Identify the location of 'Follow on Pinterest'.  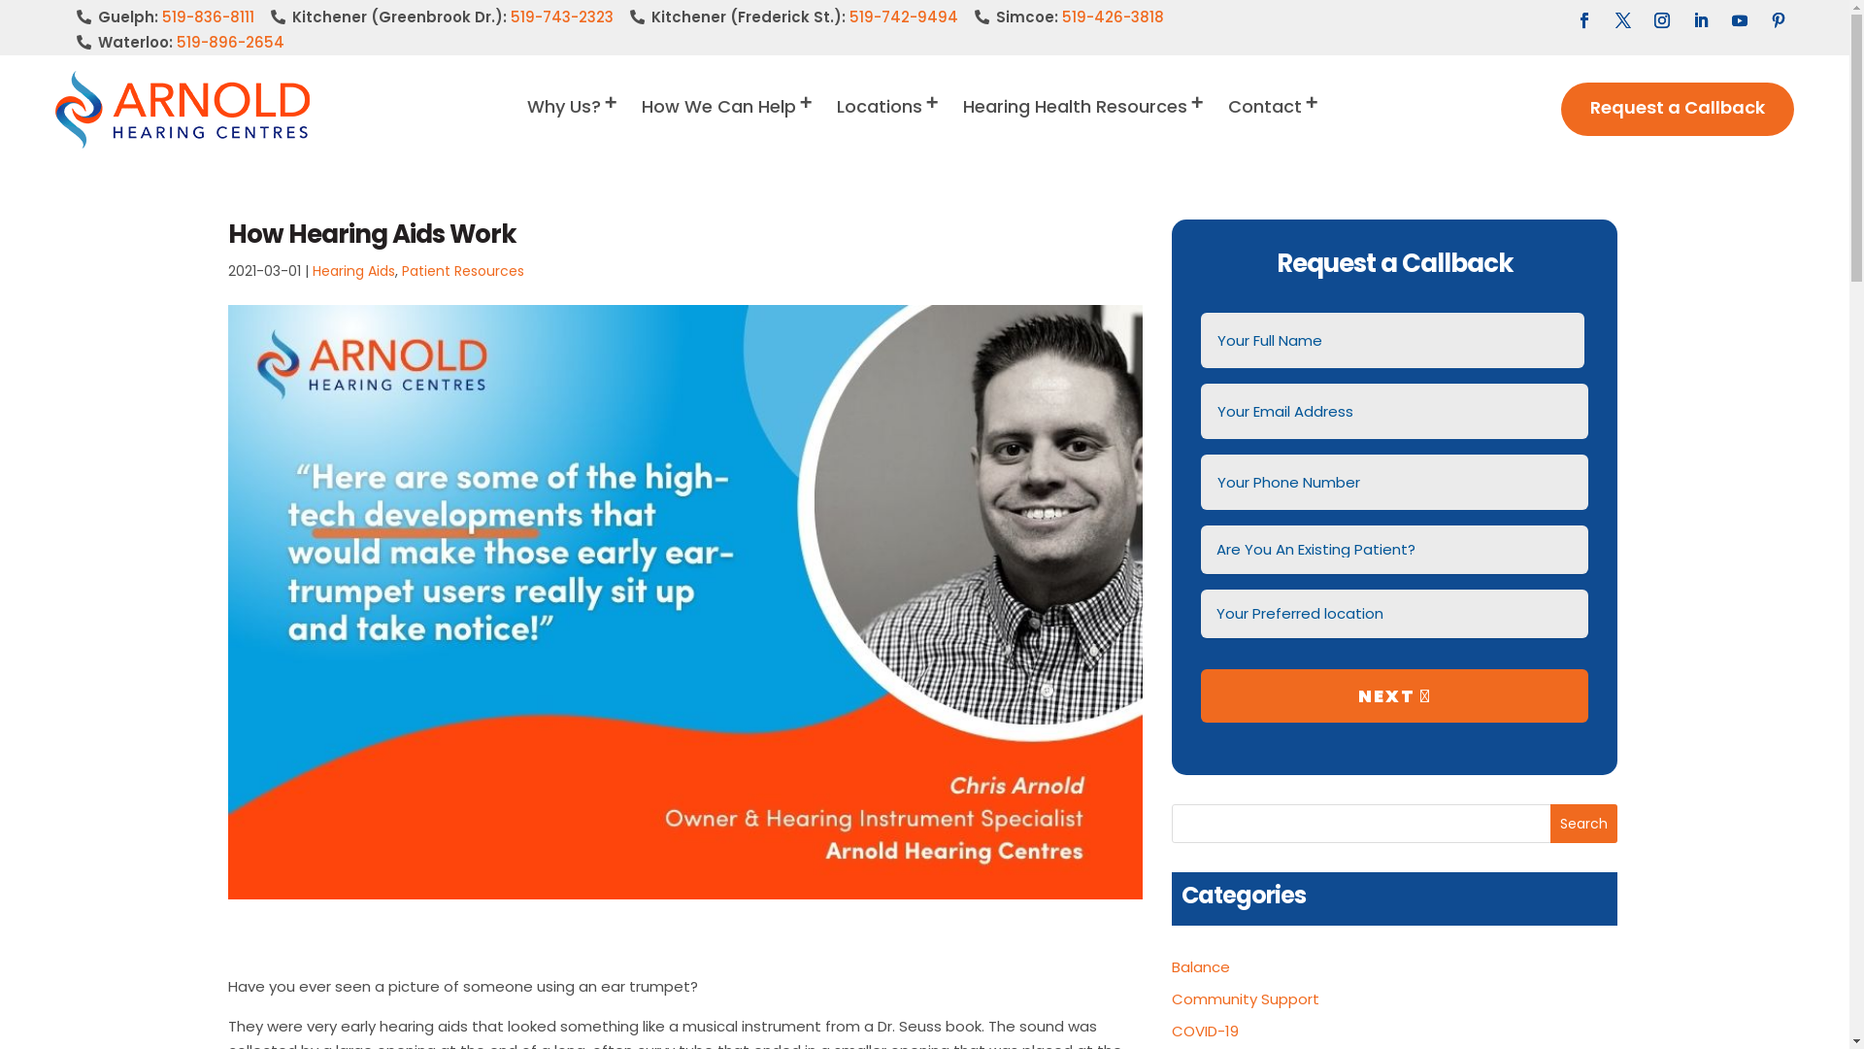
(1779, 19).